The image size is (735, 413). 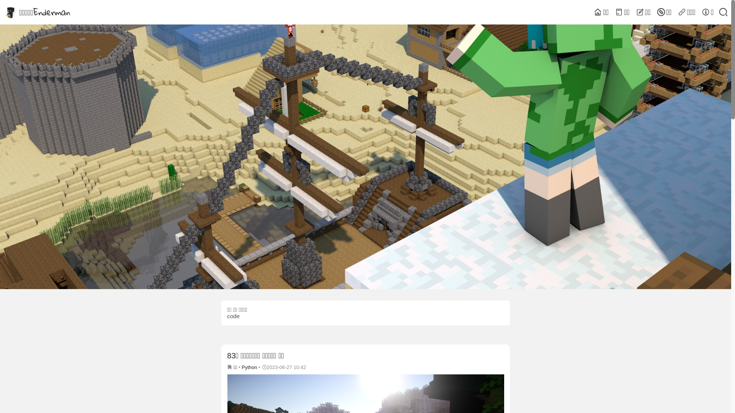 What do you see at coordinates (249, 367) in the screenshot?
I see `'Python'` at bounding box center [249, 367].